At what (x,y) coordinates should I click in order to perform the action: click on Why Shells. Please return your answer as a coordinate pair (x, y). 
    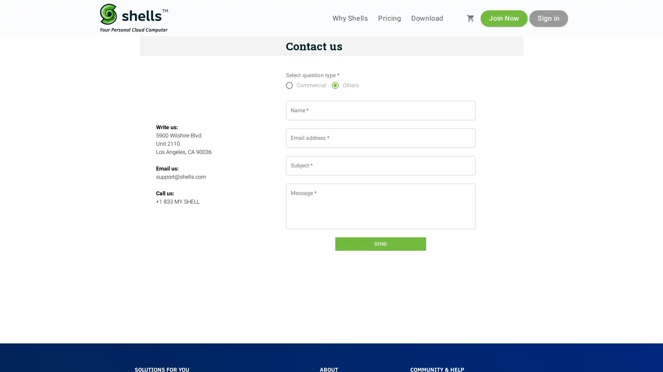
    Looking at the image, I should click on (350, 18).